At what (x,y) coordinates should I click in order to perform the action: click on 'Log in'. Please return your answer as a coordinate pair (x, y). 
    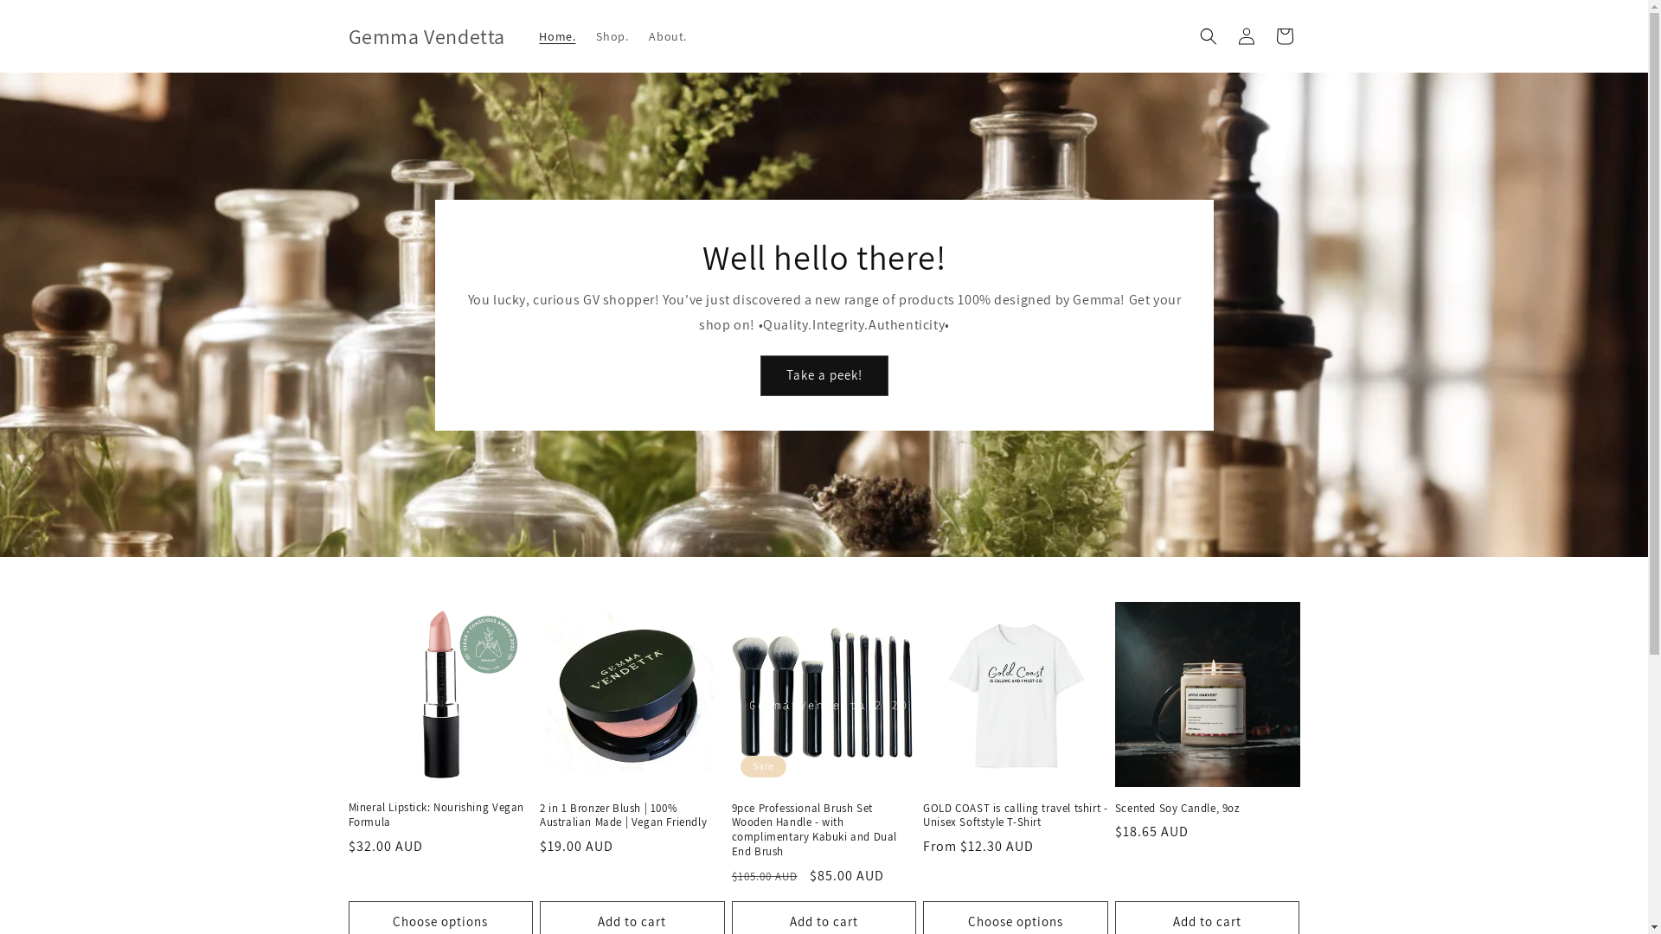
    Looking at the image, I should click on (1246, 36).